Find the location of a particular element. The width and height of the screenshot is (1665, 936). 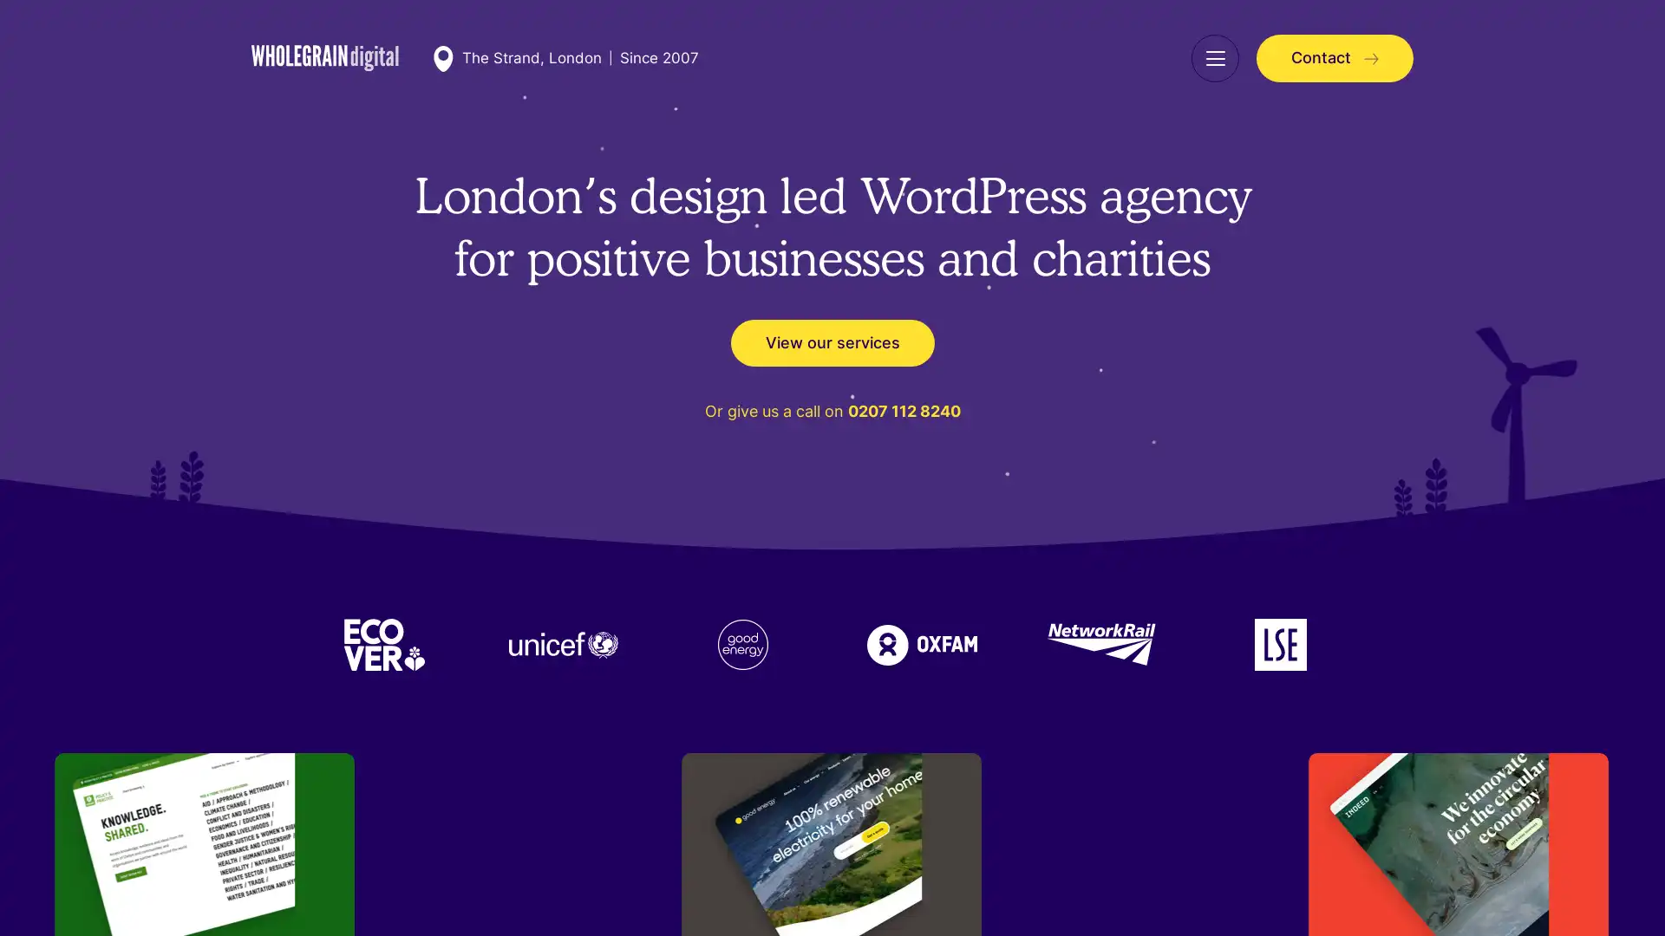

Open menu is located at coordinates (1214, 57).